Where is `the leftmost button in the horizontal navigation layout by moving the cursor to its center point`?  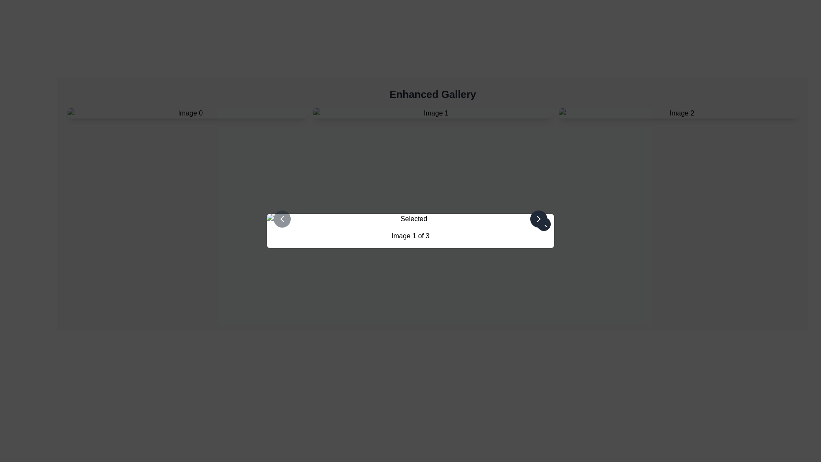
the leftmost button in the horizontal navigation layout by moving the cursor to its center point is located at coordinates (282, 219).